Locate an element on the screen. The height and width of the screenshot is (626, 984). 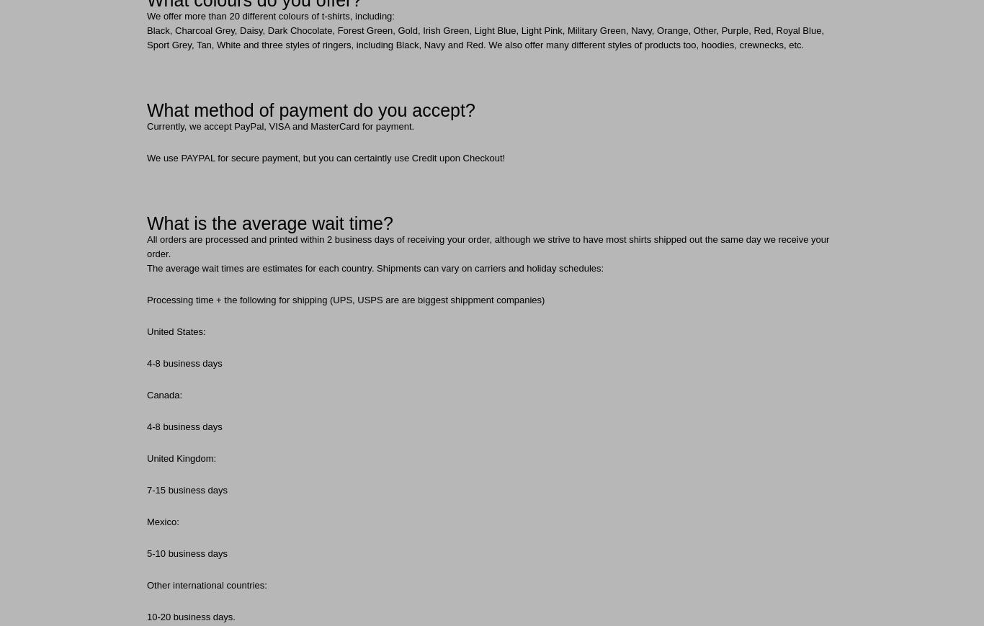
'We use PAYPAL for secure payment, but you can certaintly use Credit upon Checkout!' is located at coordinates (325, 157).